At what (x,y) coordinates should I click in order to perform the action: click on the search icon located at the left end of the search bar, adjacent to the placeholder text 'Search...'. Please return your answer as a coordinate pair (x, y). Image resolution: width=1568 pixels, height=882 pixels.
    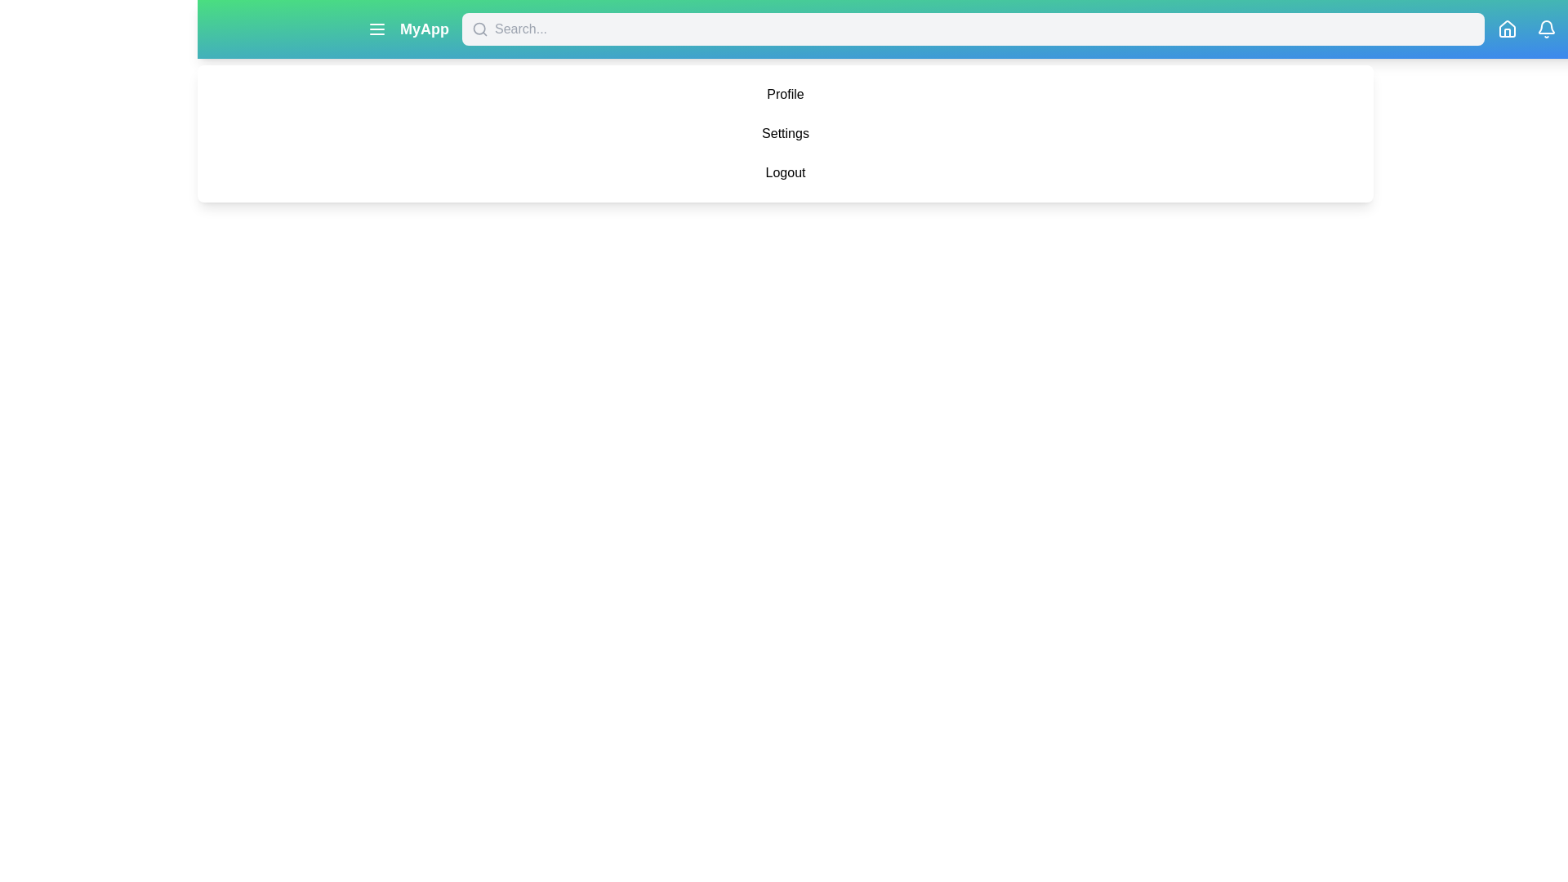
    Looking at the image, I should click on (479, 29).